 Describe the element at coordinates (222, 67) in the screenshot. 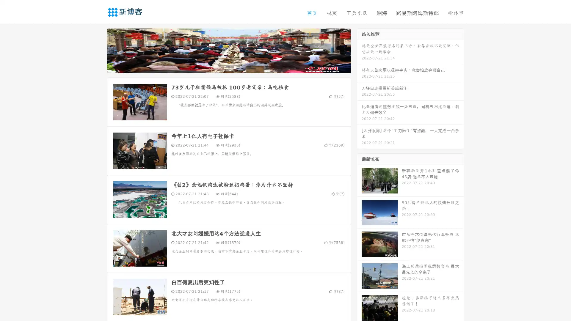

I see `Go to slide 1` at that location.